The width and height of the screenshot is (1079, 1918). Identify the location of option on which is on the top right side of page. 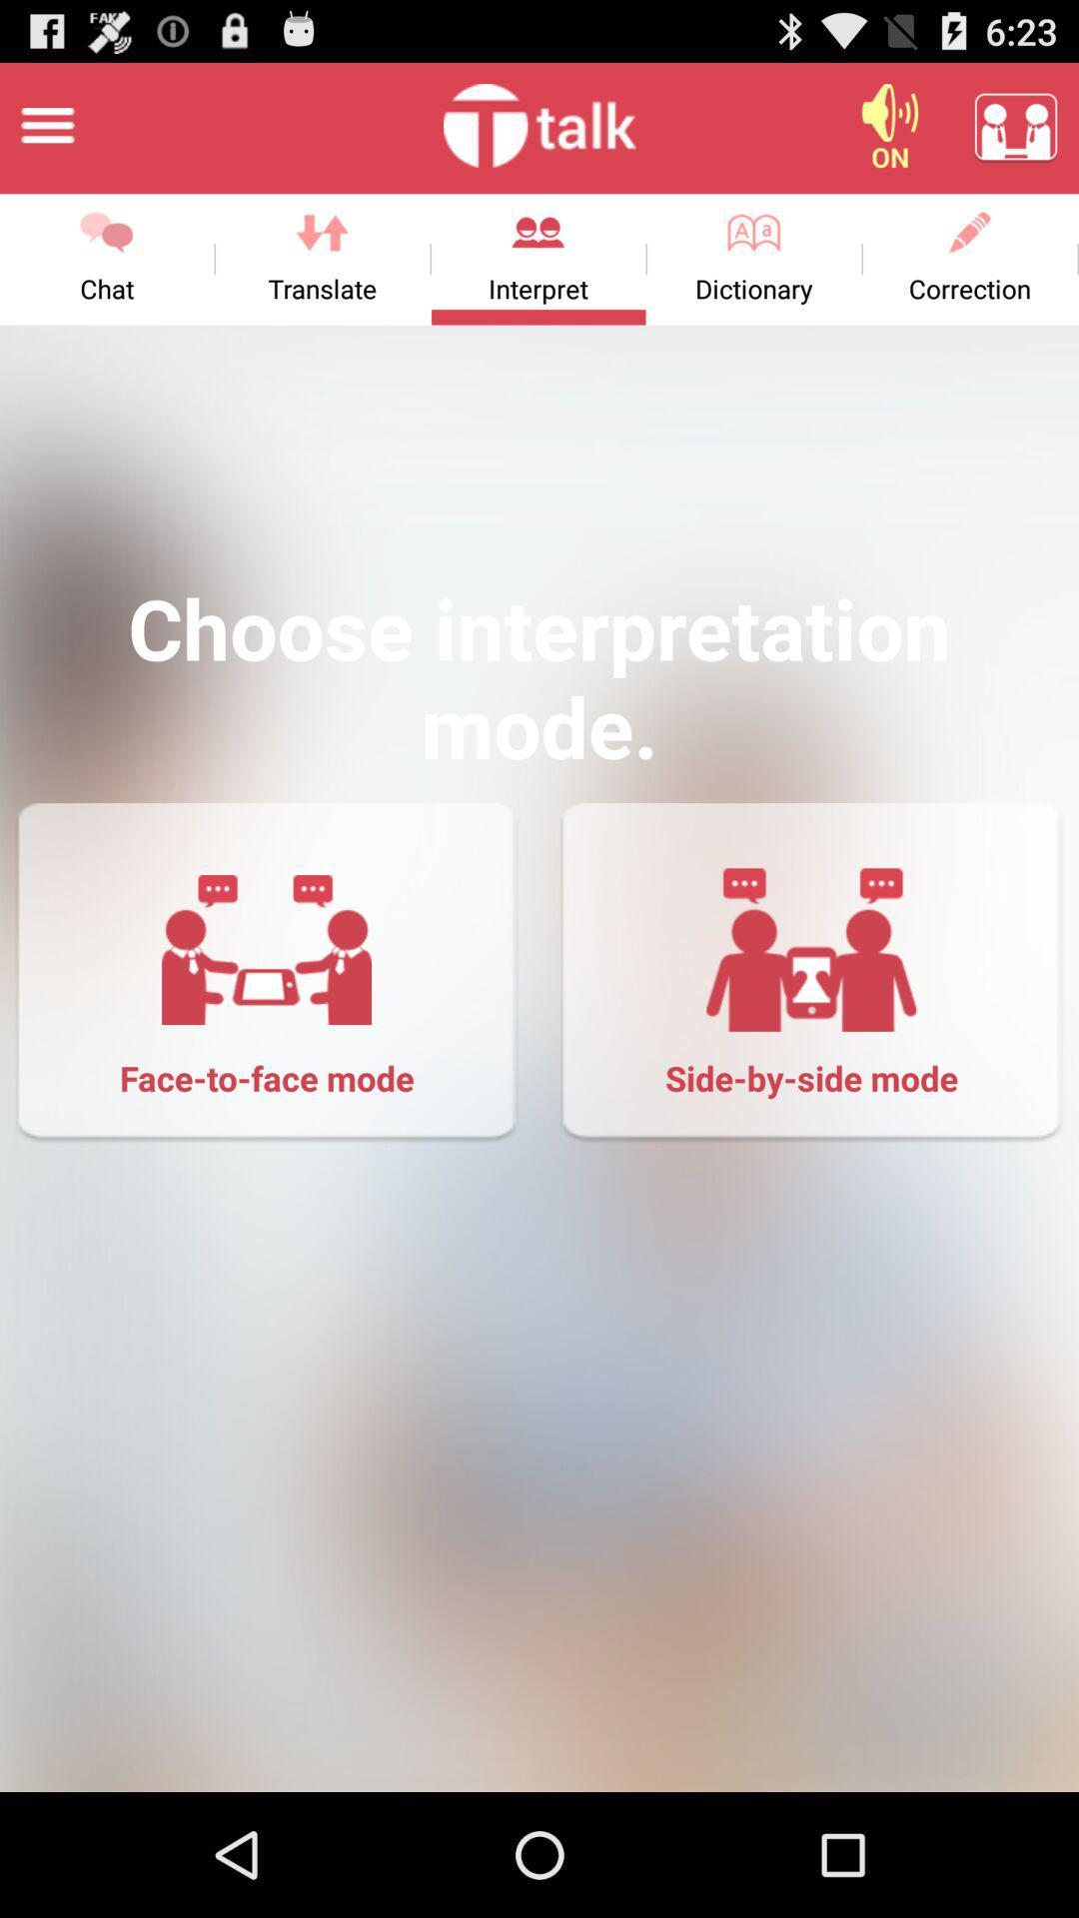
(889, 124).